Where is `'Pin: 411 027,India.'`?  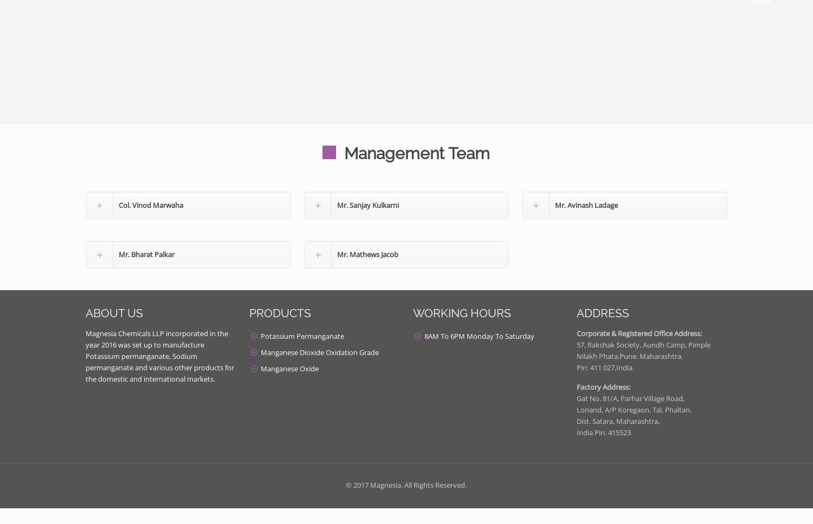
'Pin: 411 027,India.' is located at coordinates (605, 367).